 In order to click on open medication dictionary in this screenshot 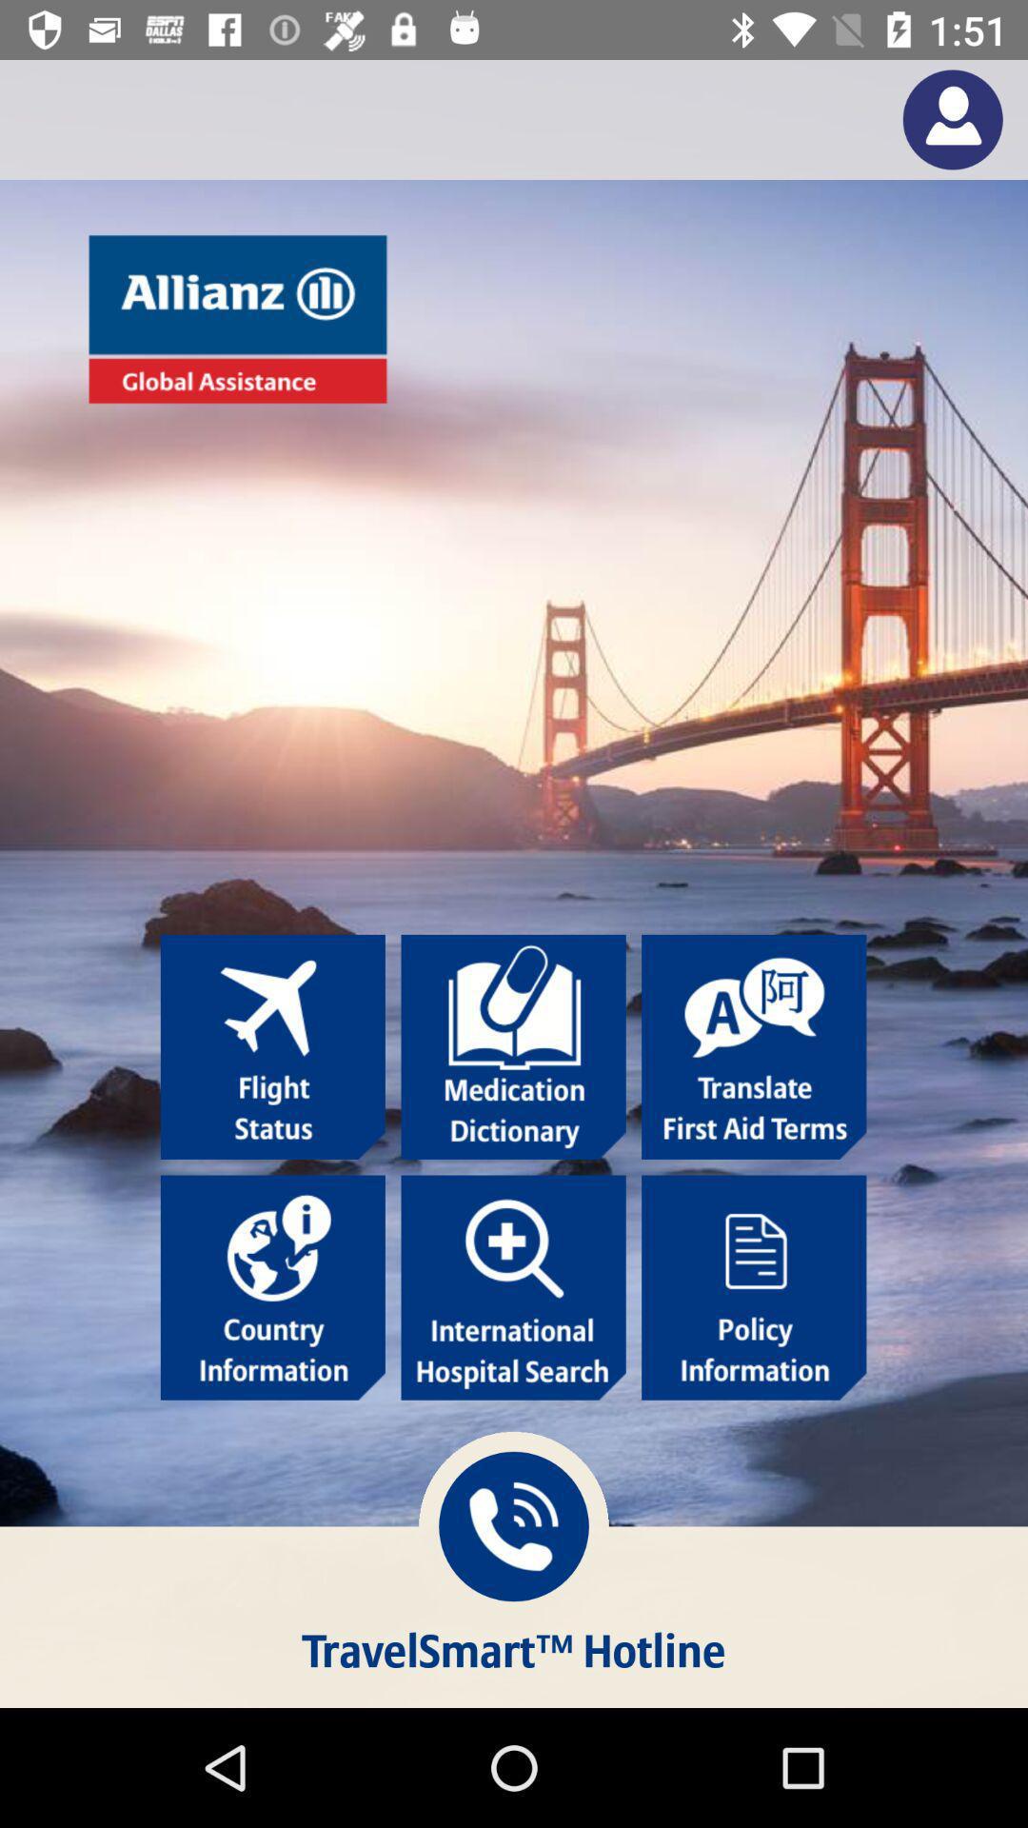, I will do `click(512, 1045)`.